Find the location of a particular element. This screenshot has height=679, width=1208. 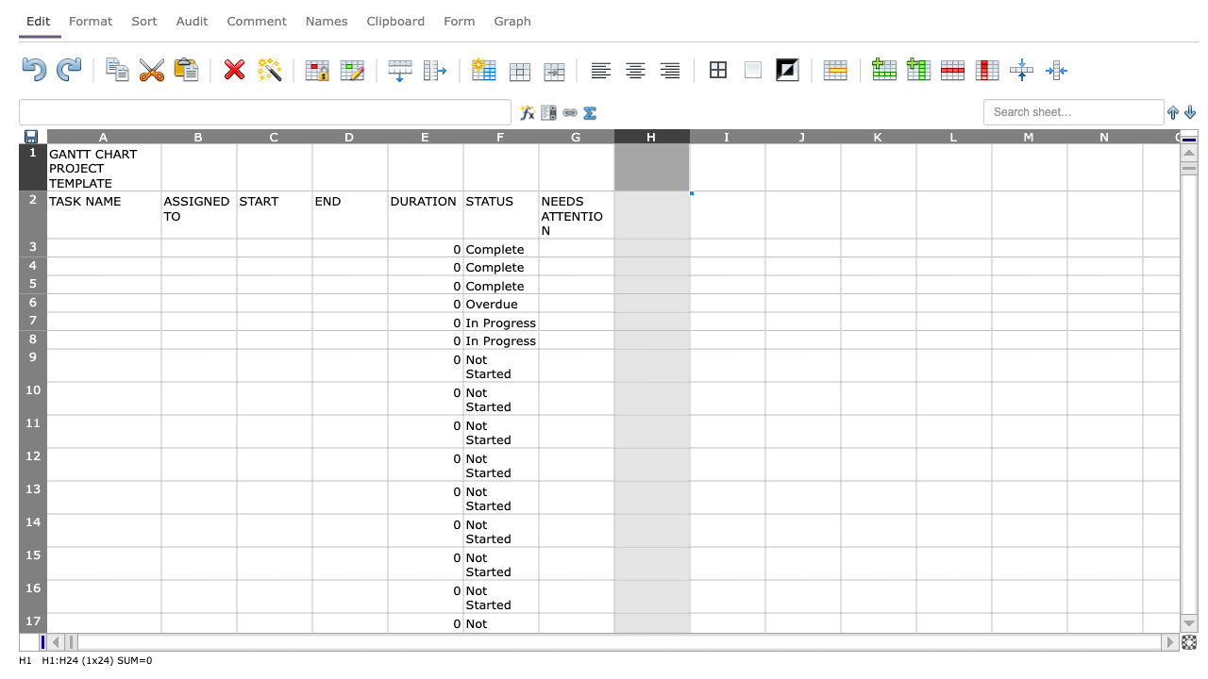

column K's width resize handle is located at coordinates (916, 135).